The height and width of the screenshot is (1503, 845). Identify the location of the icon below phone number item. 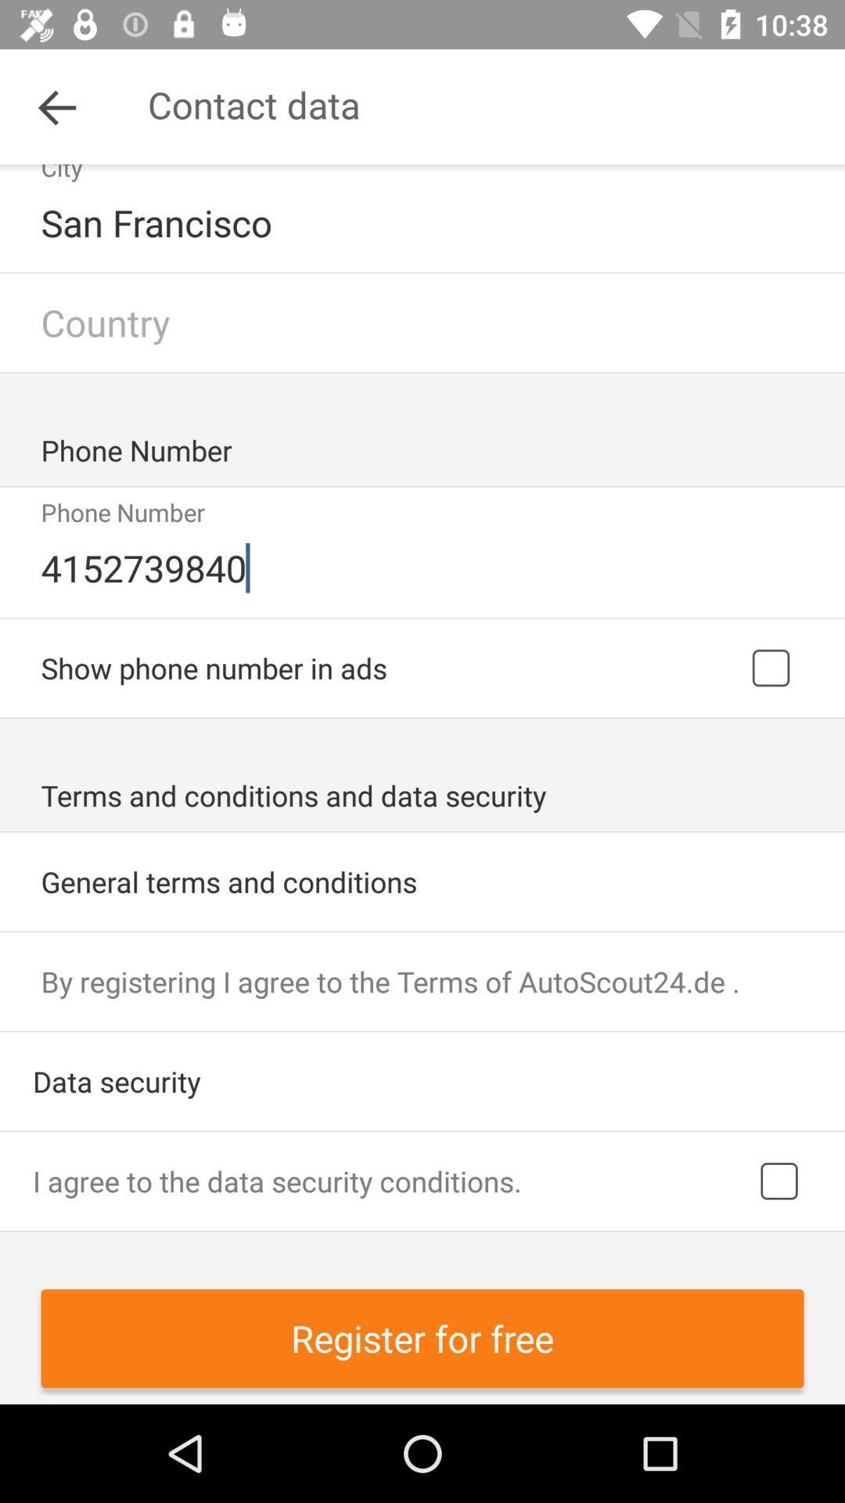
(424, 567).